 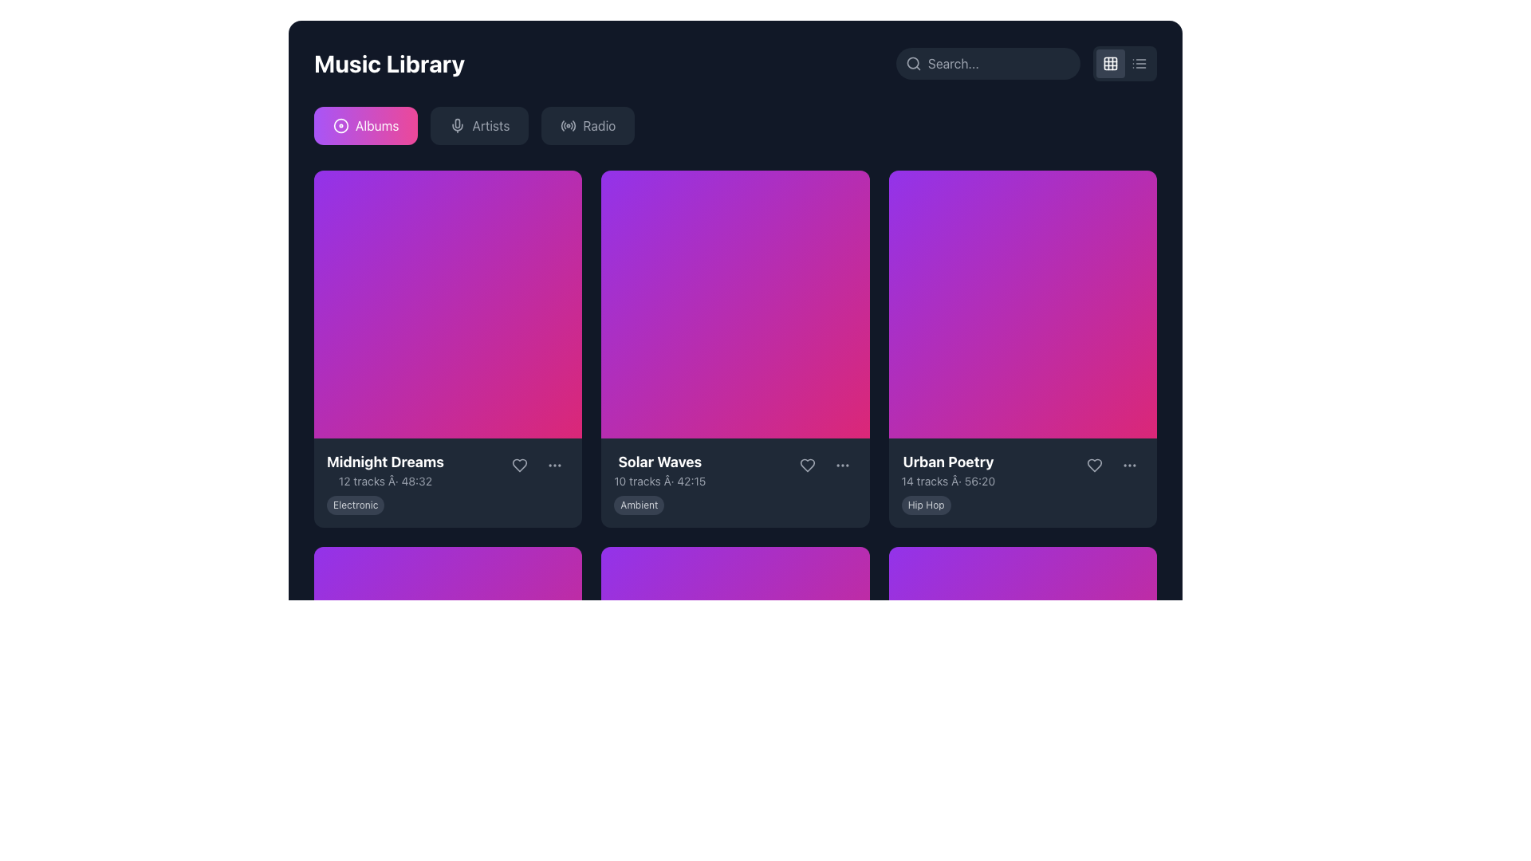 I want to click on contents of the Text display that provides information about the 'Midnight Dreams' album, located in the first cell of the top row beneath its album image, so click(x=385, y=470).